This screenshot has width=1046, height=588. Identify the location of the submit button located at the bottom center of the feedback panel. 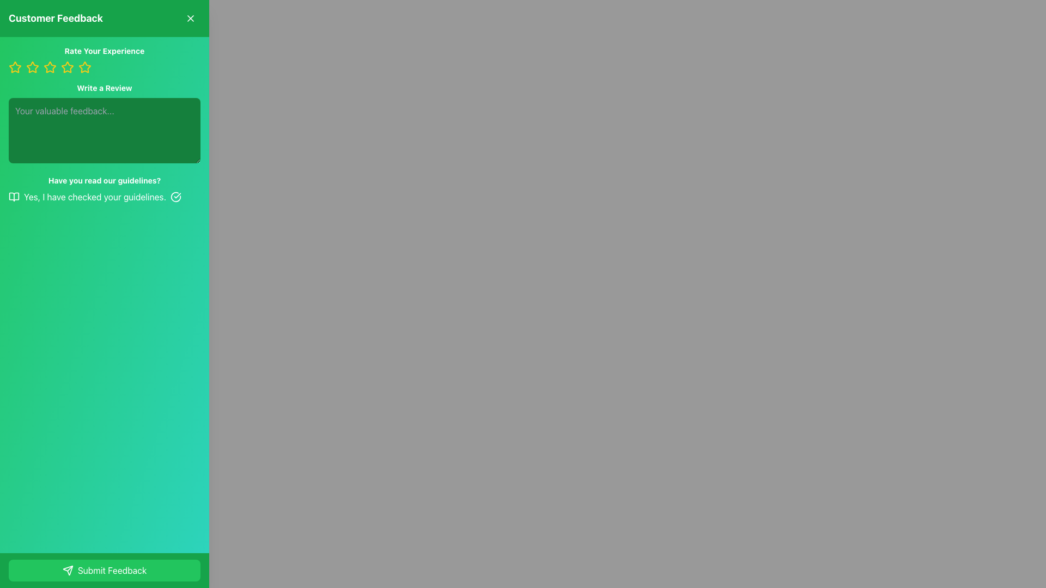
(105, 570).